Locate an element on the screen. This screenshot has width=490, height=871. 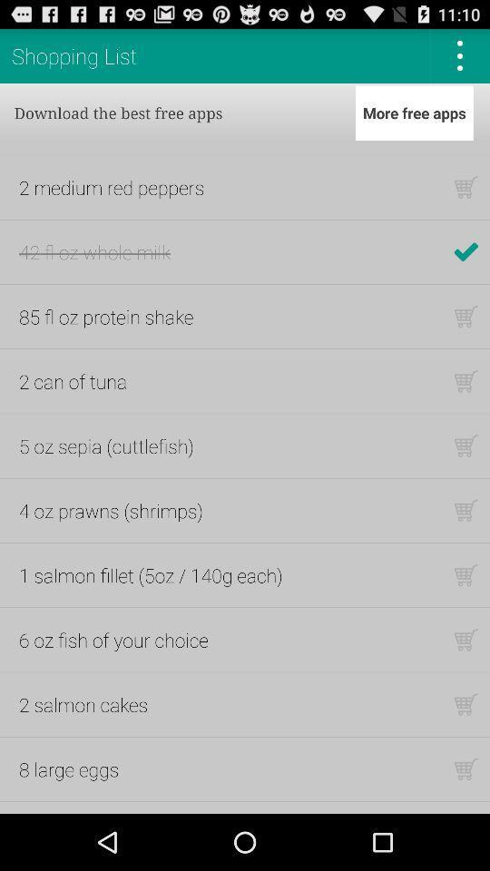
the icon above the 4 oz prawns is located at coordinates (106, 445).